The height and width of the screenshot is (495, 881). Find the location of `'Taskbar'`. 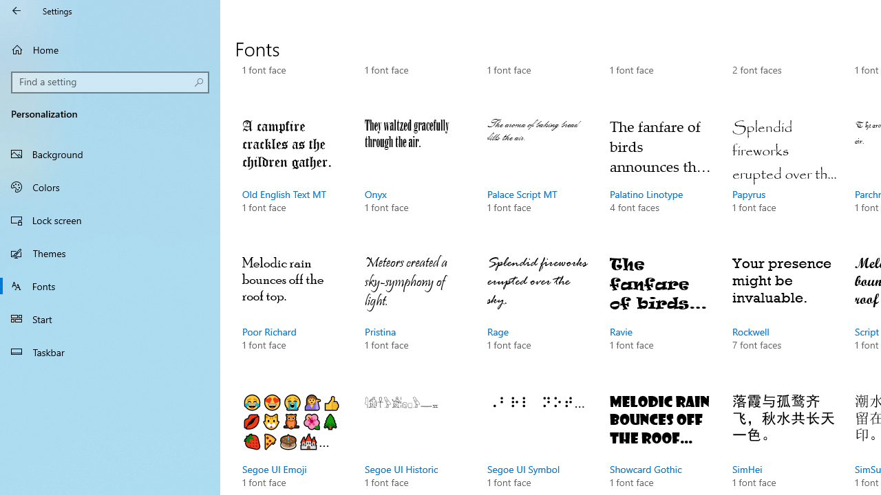

'Taskbar' is located at coordinates (110, 351).